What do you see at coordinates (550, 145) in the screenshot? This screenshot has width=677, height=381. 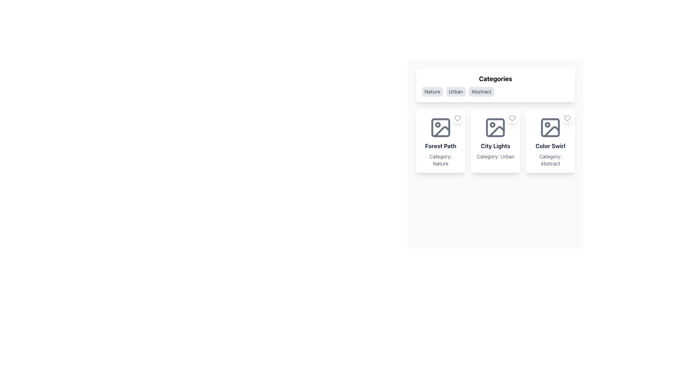 I see `Text label that serves as a title for the associated image and category details, positioned below the icon image and above the text 'Category: Abstract'` at bounding box center [550, 145].